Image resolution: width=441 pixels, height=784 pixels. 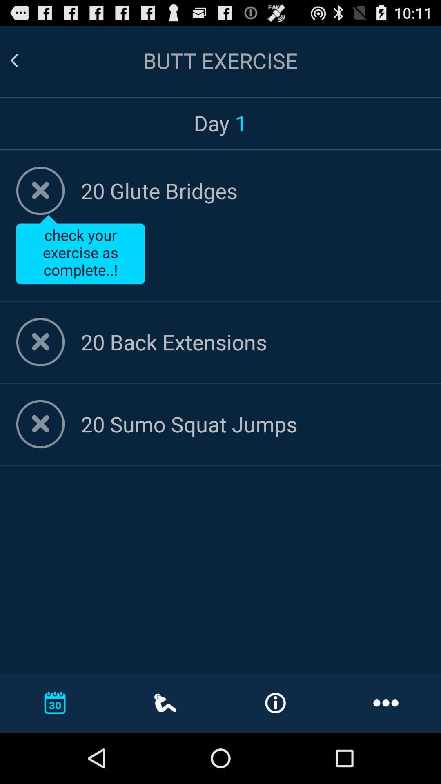 What do you see at coordinates (40, 190) in the screenshot?
I see `mark as complete` at bounding box center [40, 190].